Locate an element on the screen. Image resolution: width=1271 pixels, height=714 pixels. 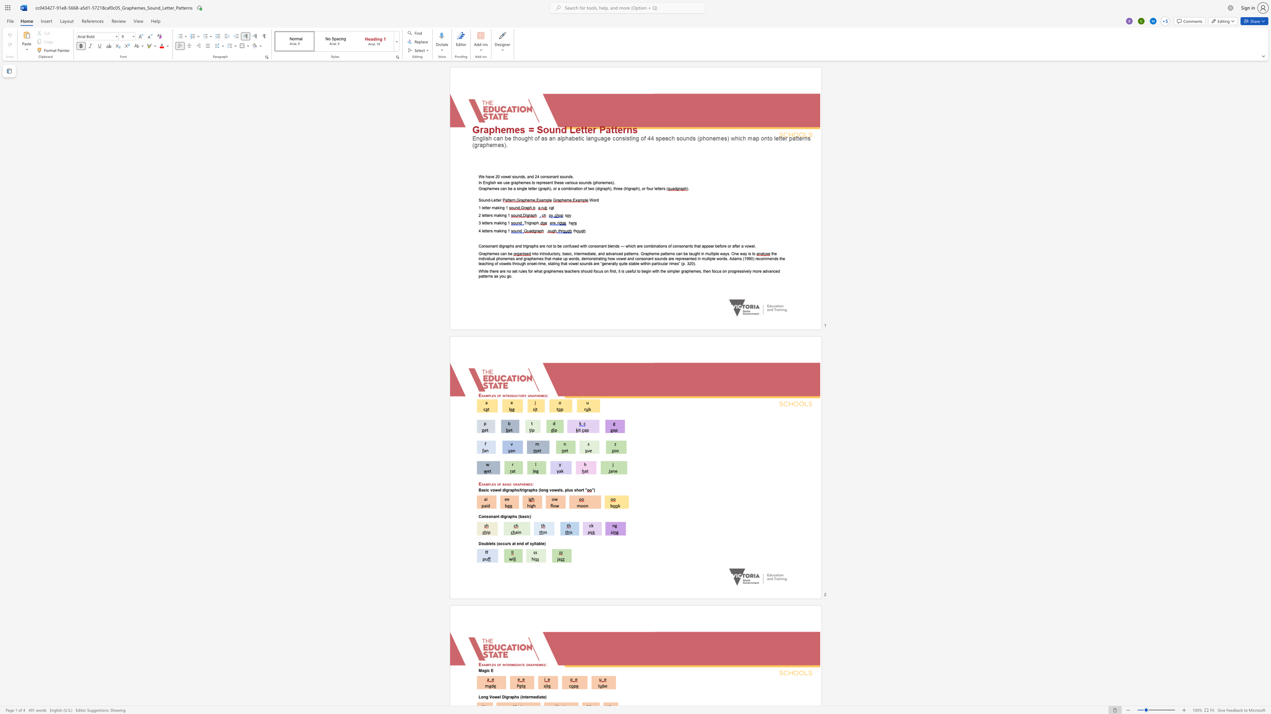
the 1th character "p" in the text is located at coordinates (489, 664).